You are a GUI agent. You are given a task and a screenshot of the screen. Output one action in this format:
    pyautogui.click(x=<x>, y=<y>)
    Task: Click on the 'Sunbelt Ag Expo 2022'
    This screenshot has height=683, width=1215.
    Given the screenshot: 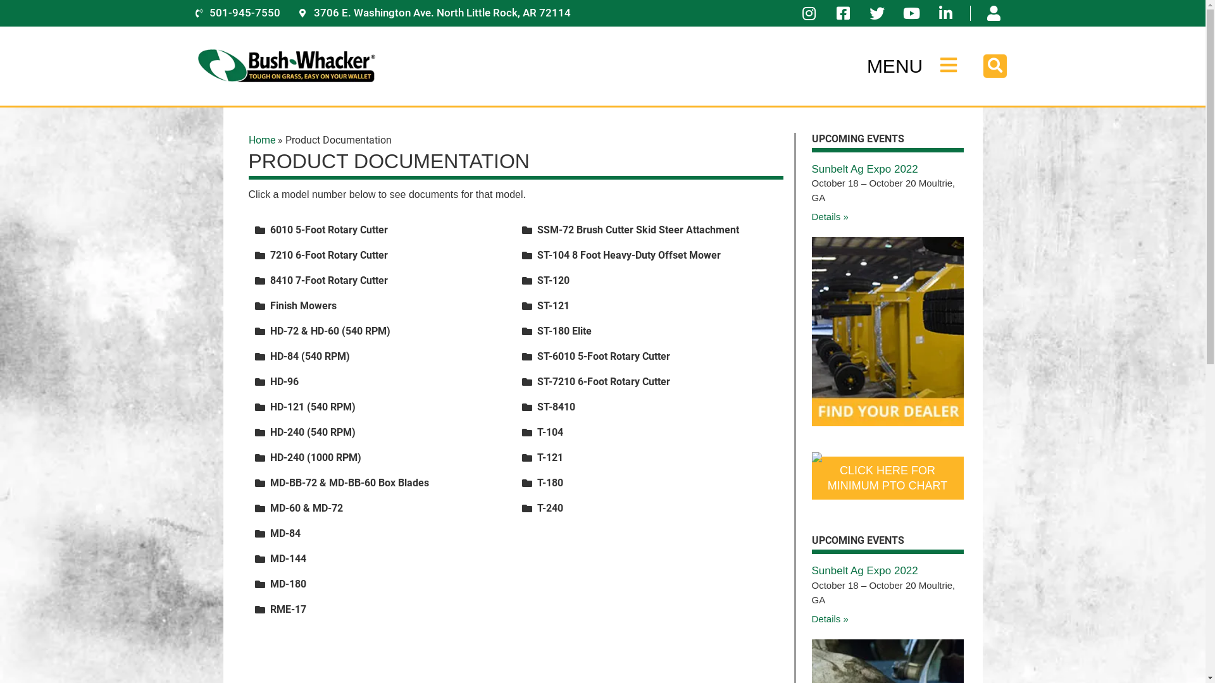 What is the action you would take?
    pyautogui.click(x=864, y=570)
    